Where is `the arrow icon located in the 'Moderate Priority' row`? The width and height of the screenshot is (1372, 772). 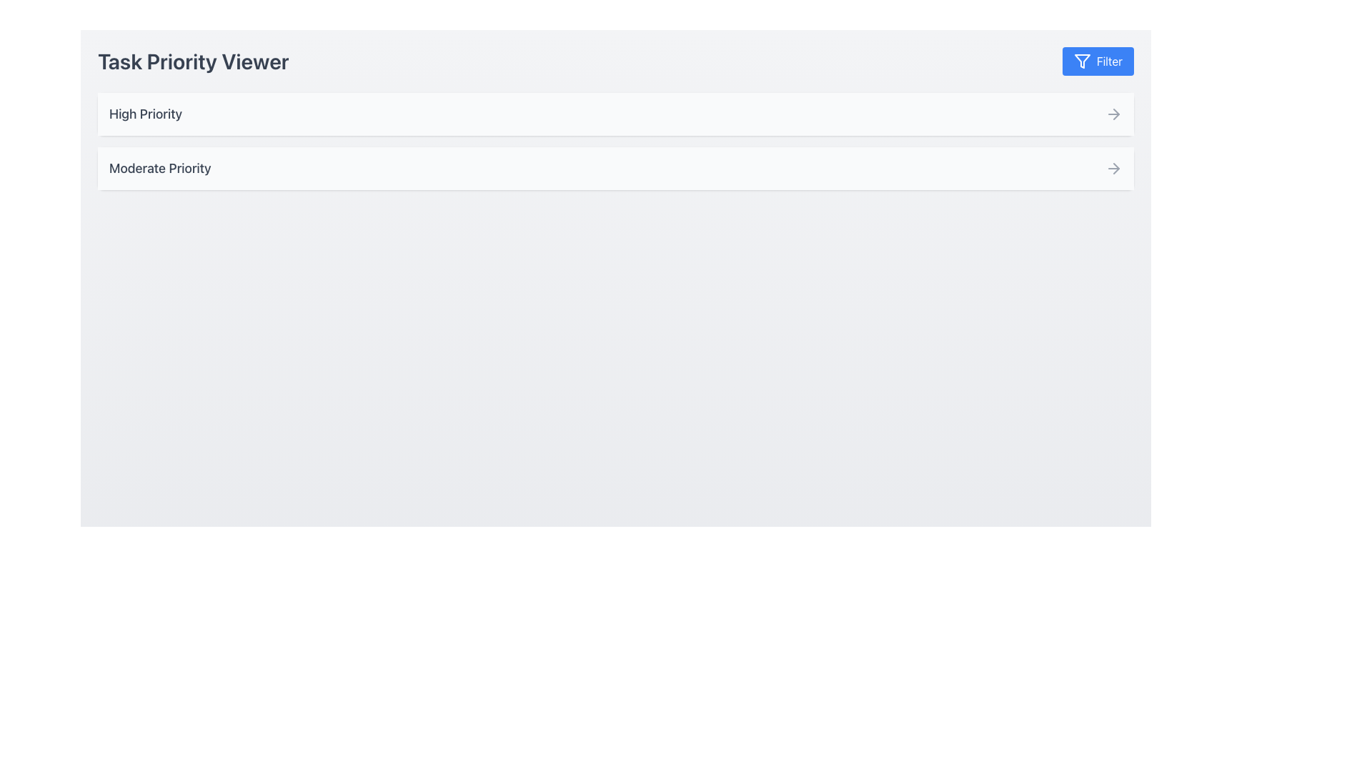
the arrow icon located in the 'Moderate Priority' row is located at coordinates (1113, 167).